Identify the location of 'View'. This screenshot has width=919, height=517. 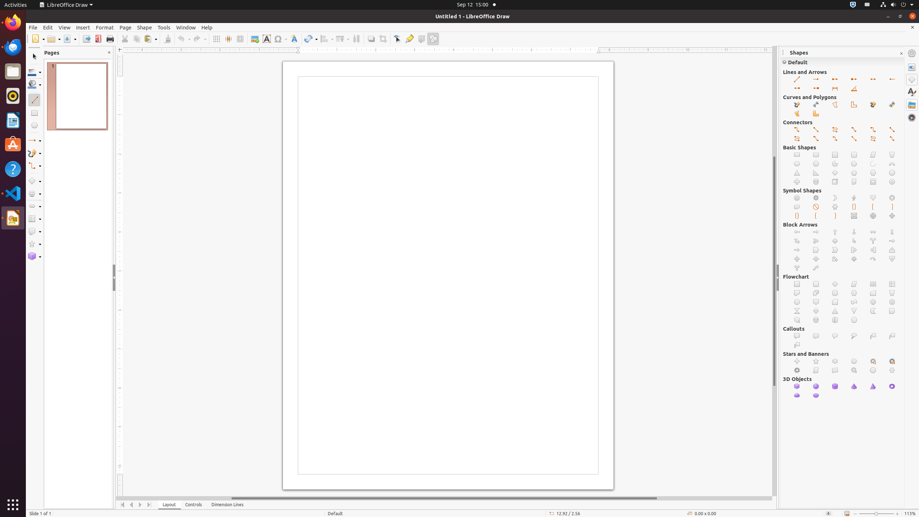
(64, 27).